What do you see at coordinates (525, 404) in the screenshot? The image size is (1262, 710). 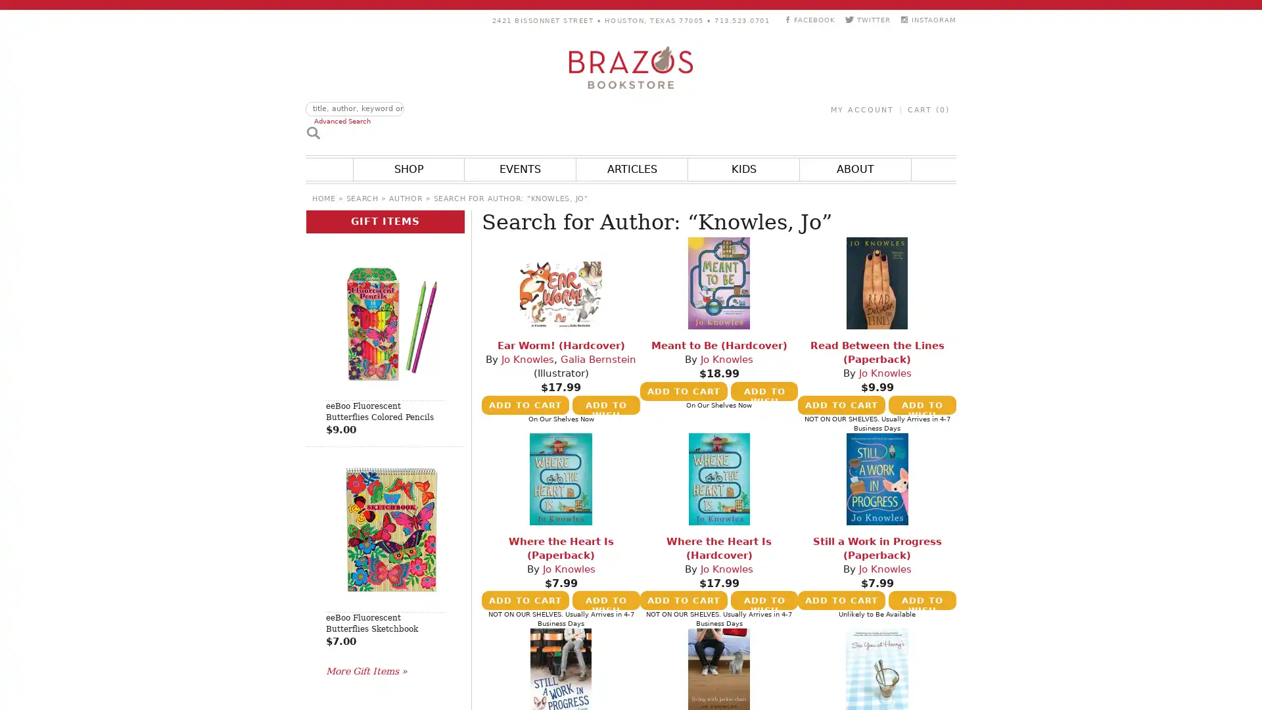 I see `Add to Cart` at bounding box center [525, 404].